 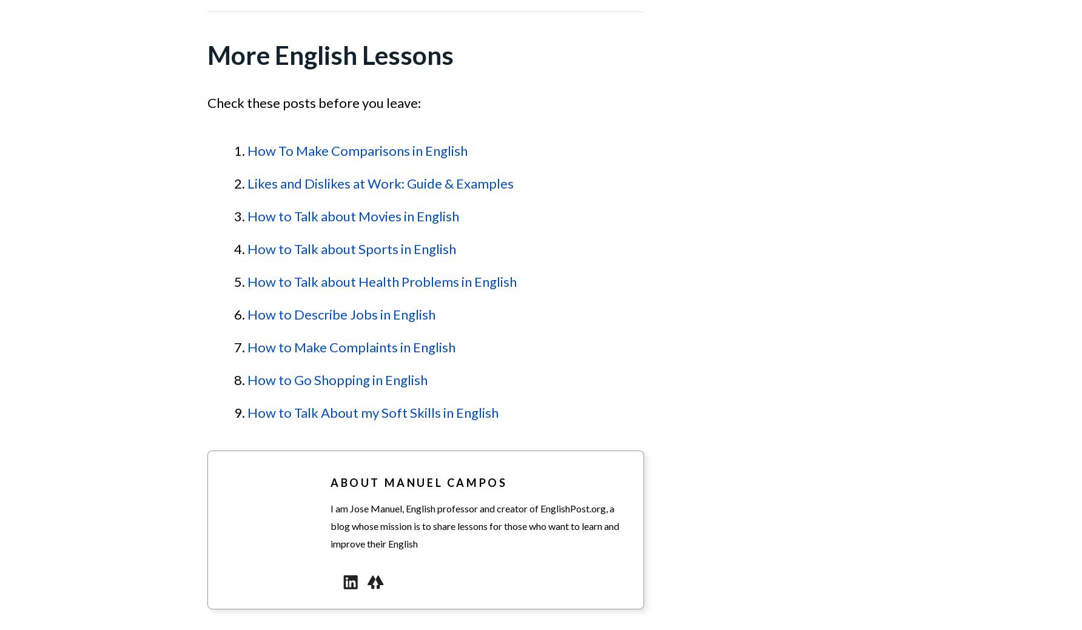 What do you see at coordinates (351, 347) in the screenshot?
I see `'How to Make Complaints in English'` at bounding box center [351, 347].